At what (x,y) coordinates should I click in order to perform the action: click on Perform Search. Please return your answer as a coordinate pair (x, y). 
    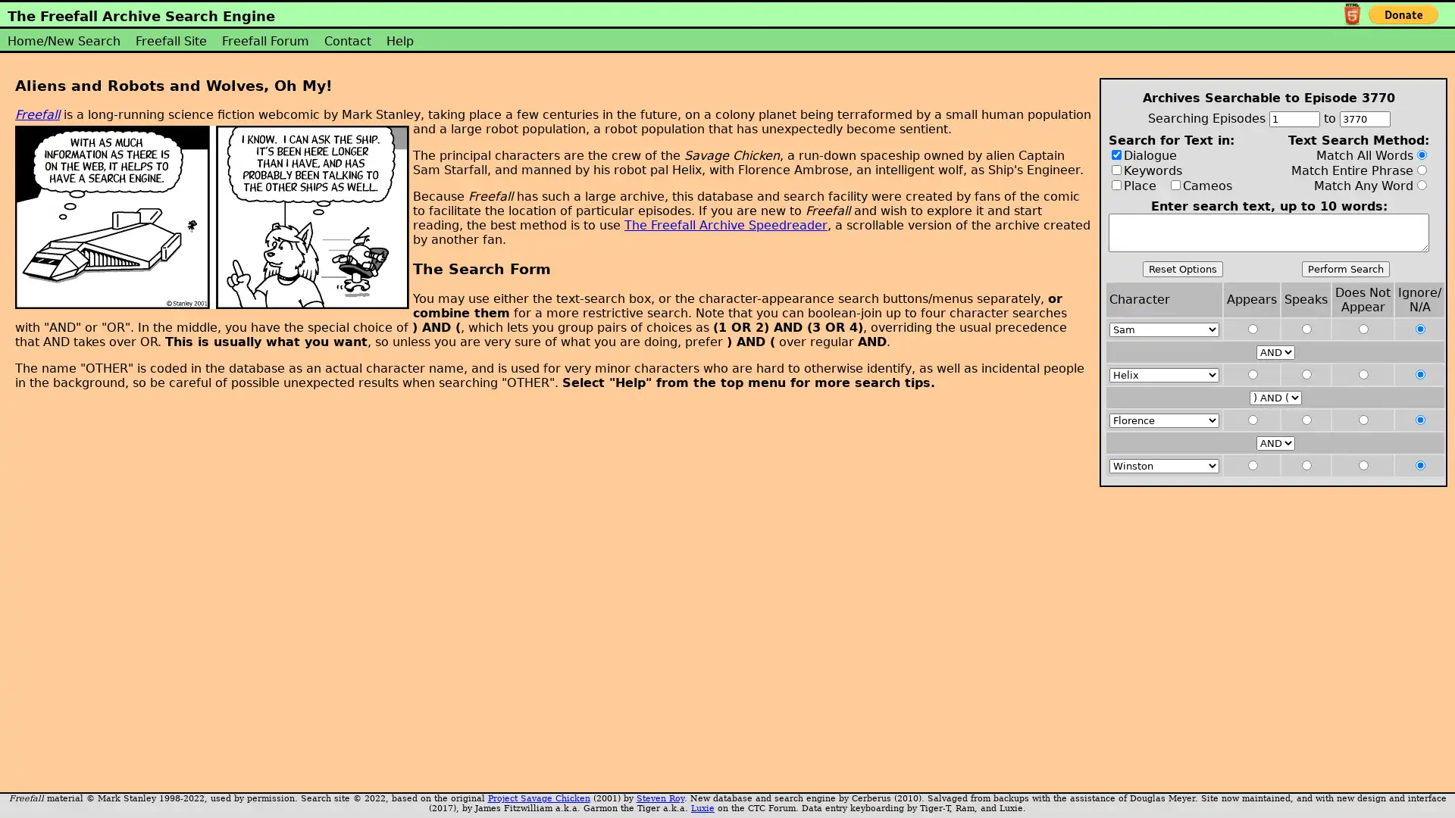
    Looking at the image, I should click on (1346, 267).